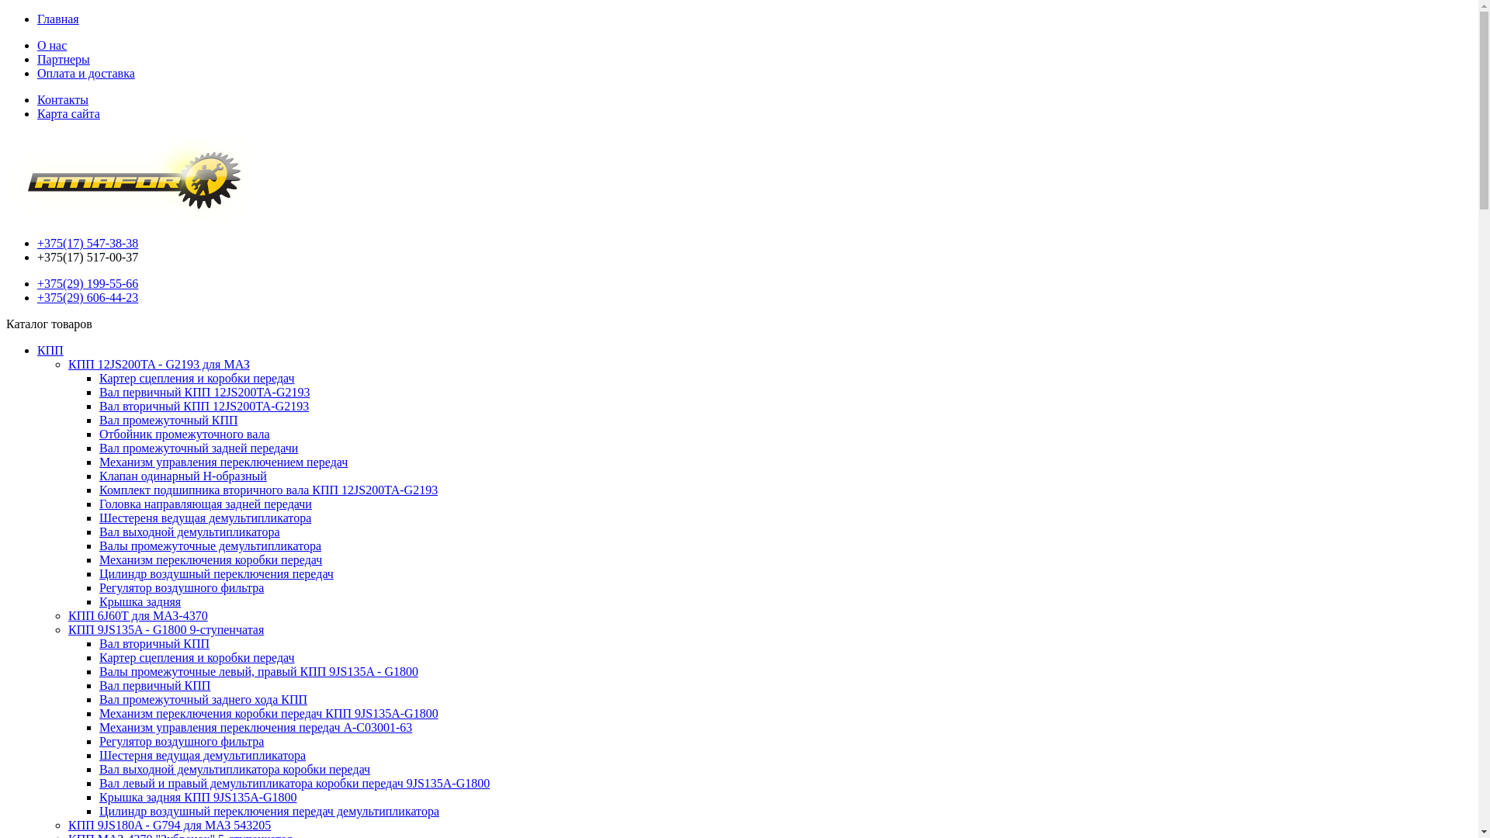  I want to click on '+375(29) 606-44-23', so click(37, 297).